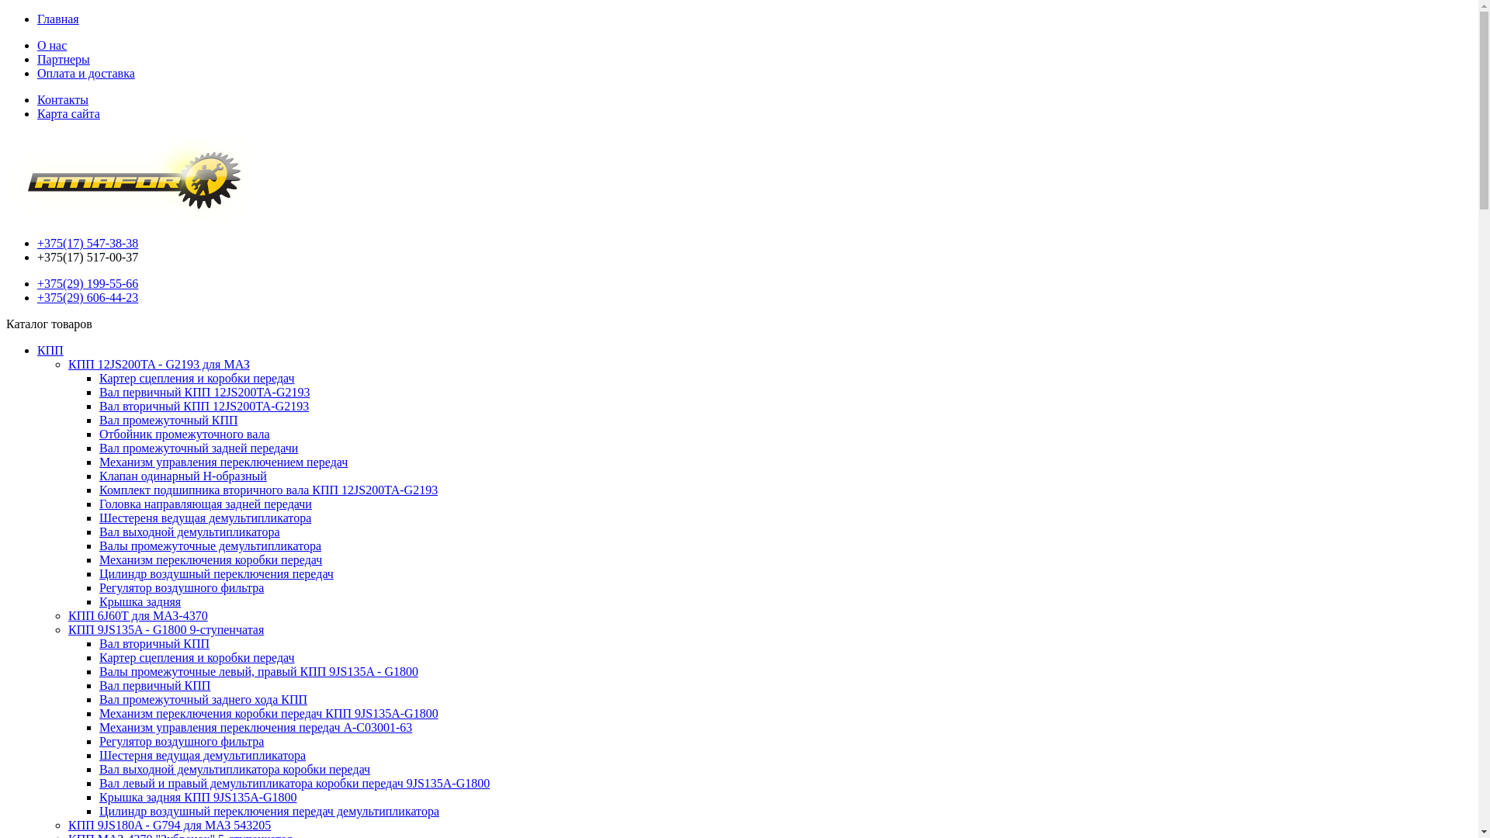  I want to click on '+375(29) 606-44-23', so click(37, 297).